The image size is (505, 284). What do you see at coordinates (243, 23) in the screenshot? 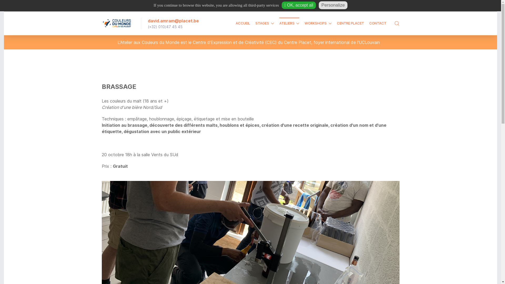
I see `'ACCUEIL'` at bounding box center [243, 23].